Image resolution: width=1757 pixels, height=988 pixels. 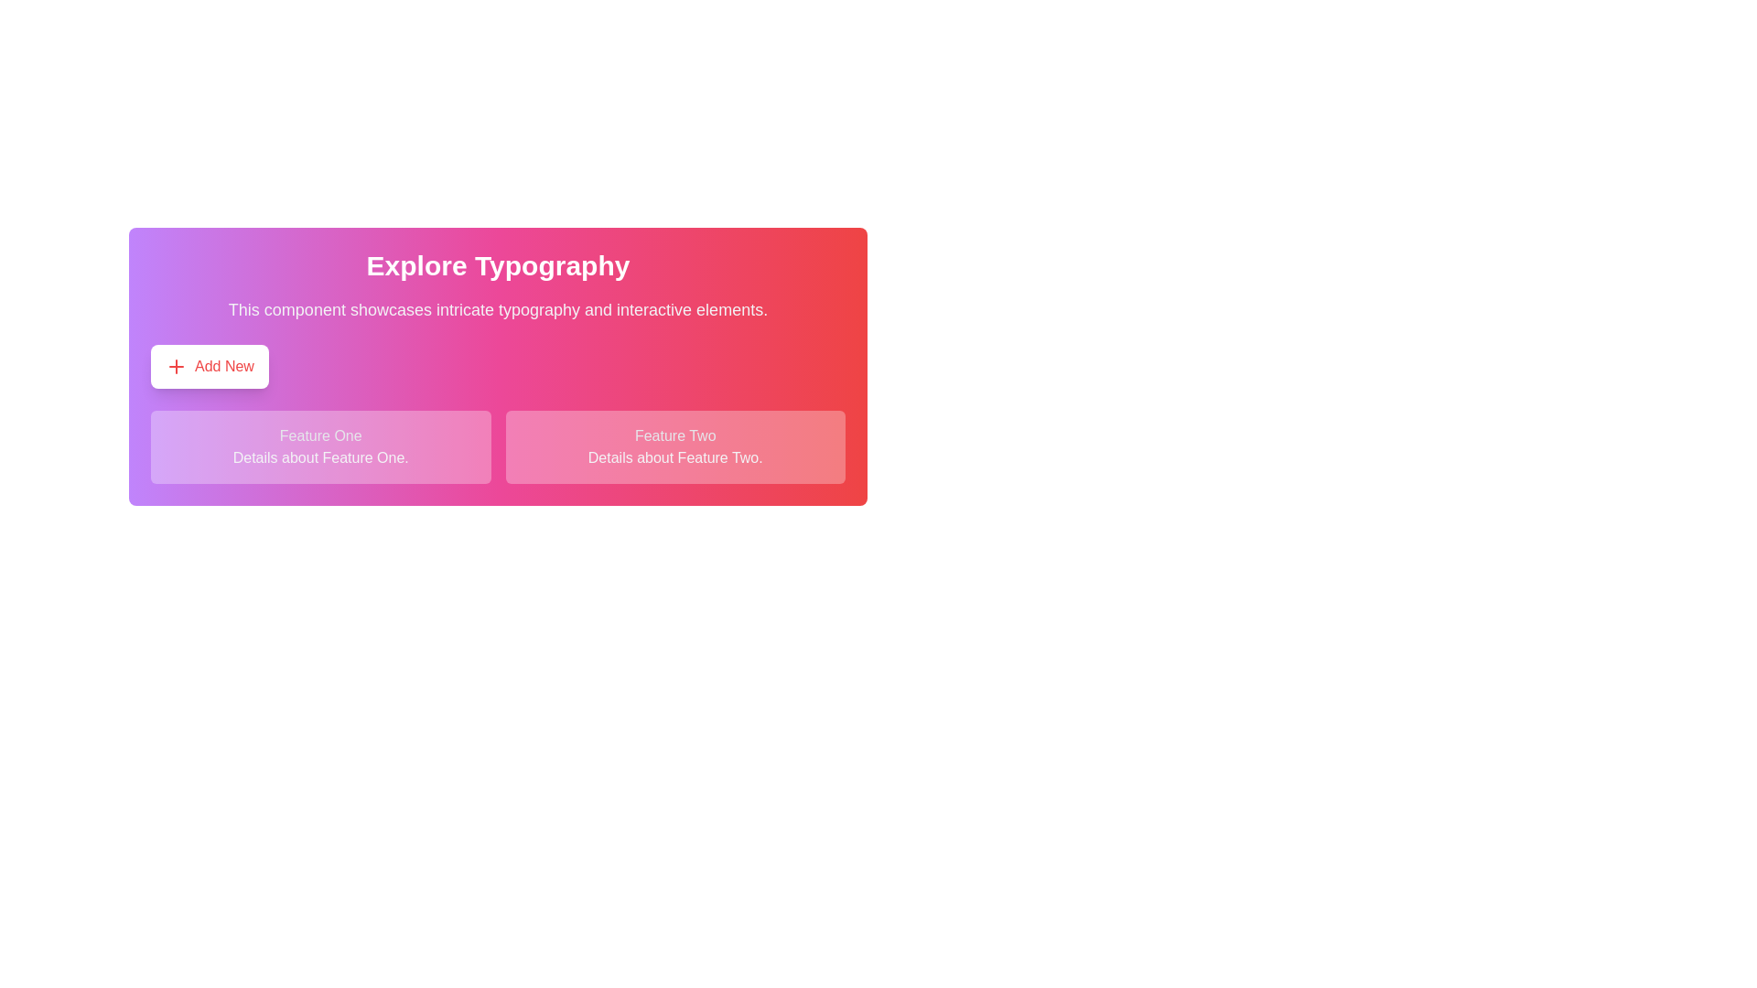 I want to click on the text block that provides descriptive information about the section, located below the header 'Explore Typography', so click(x=498, y=309).